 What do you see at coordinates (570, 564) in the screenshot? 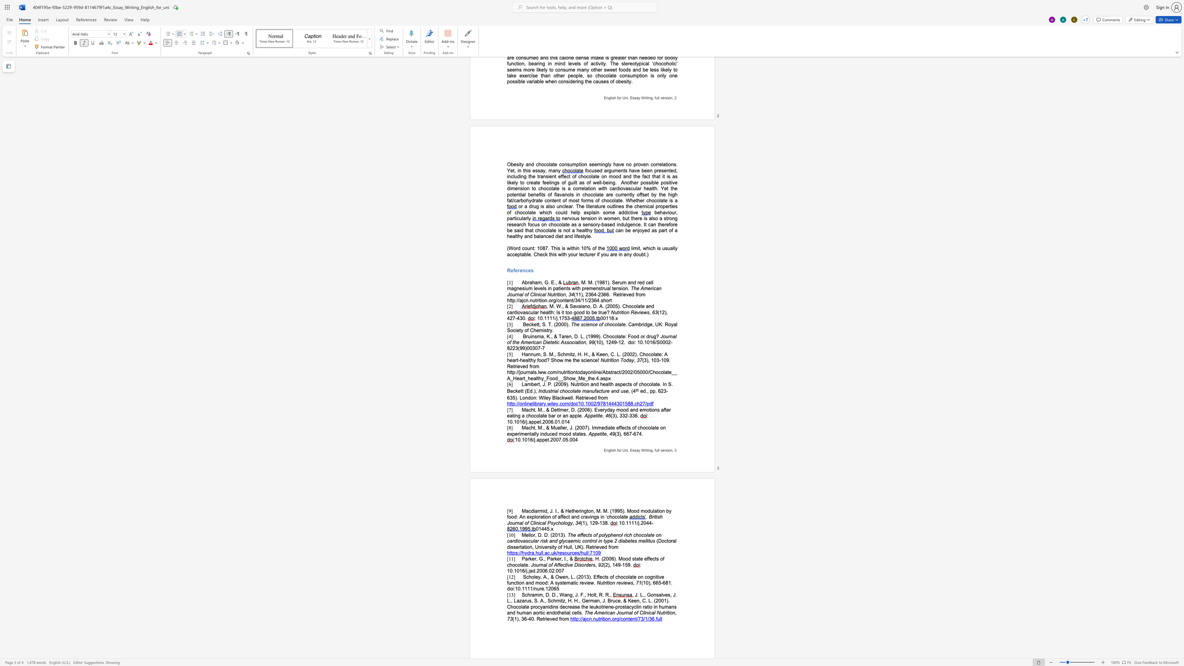
I see `the space between the continuous character "v" and "e" in the text` at bounding box center [570, 564].